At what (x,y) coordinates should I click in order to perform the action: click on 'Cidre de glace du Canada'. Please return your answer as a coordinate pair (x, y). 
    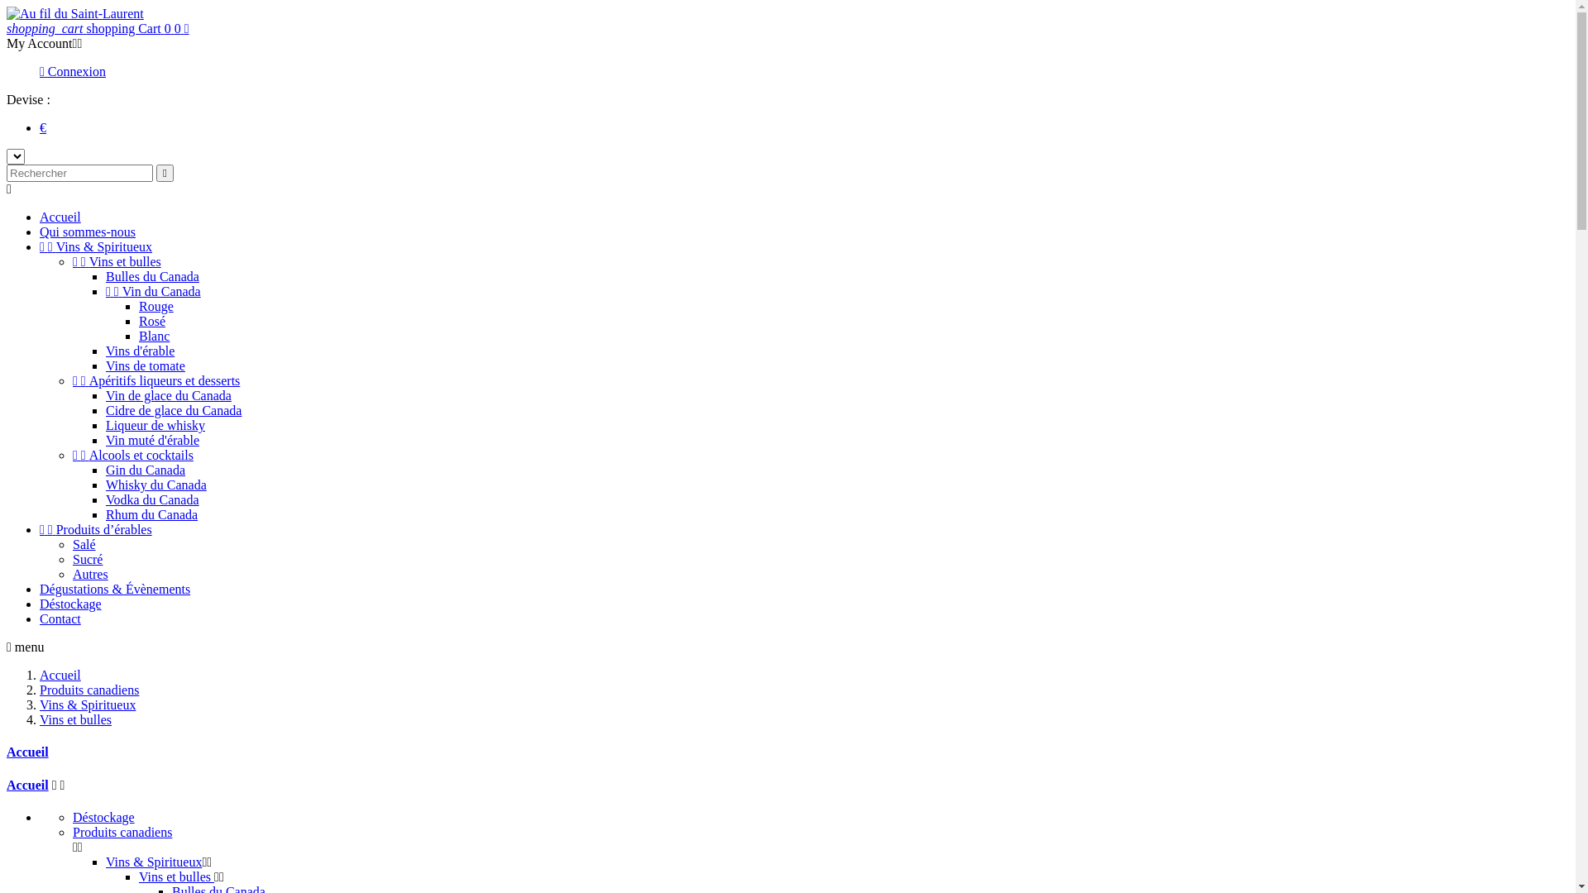
    Looking at the image, I should click on (174, 409).